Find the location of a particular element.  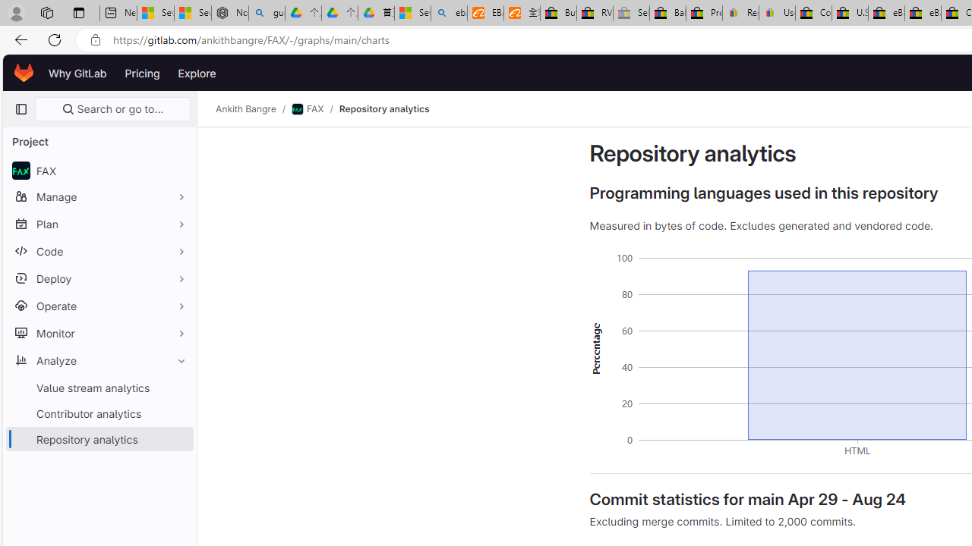

'Plan' is located at coordinates (99, 224).